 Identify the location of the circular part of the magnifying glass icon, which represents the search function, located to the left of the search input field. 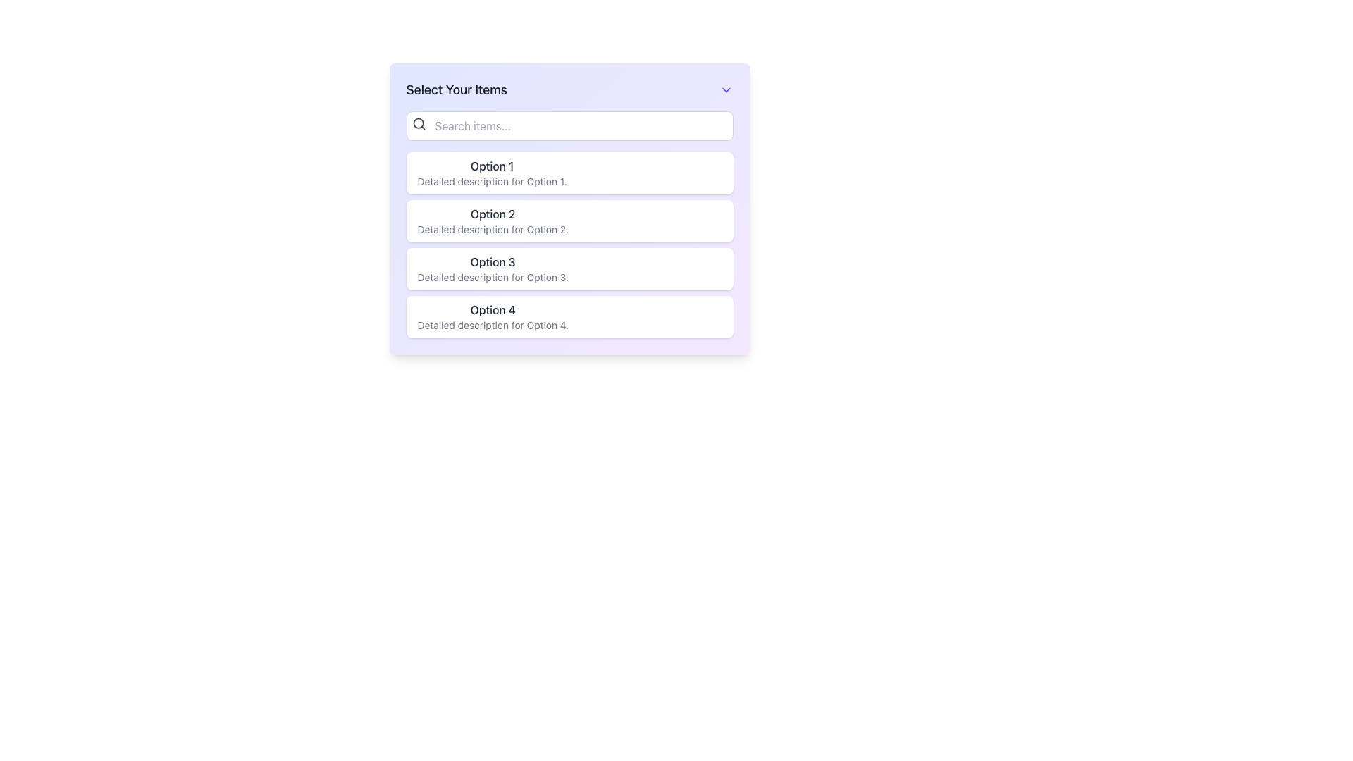
(417, 123).